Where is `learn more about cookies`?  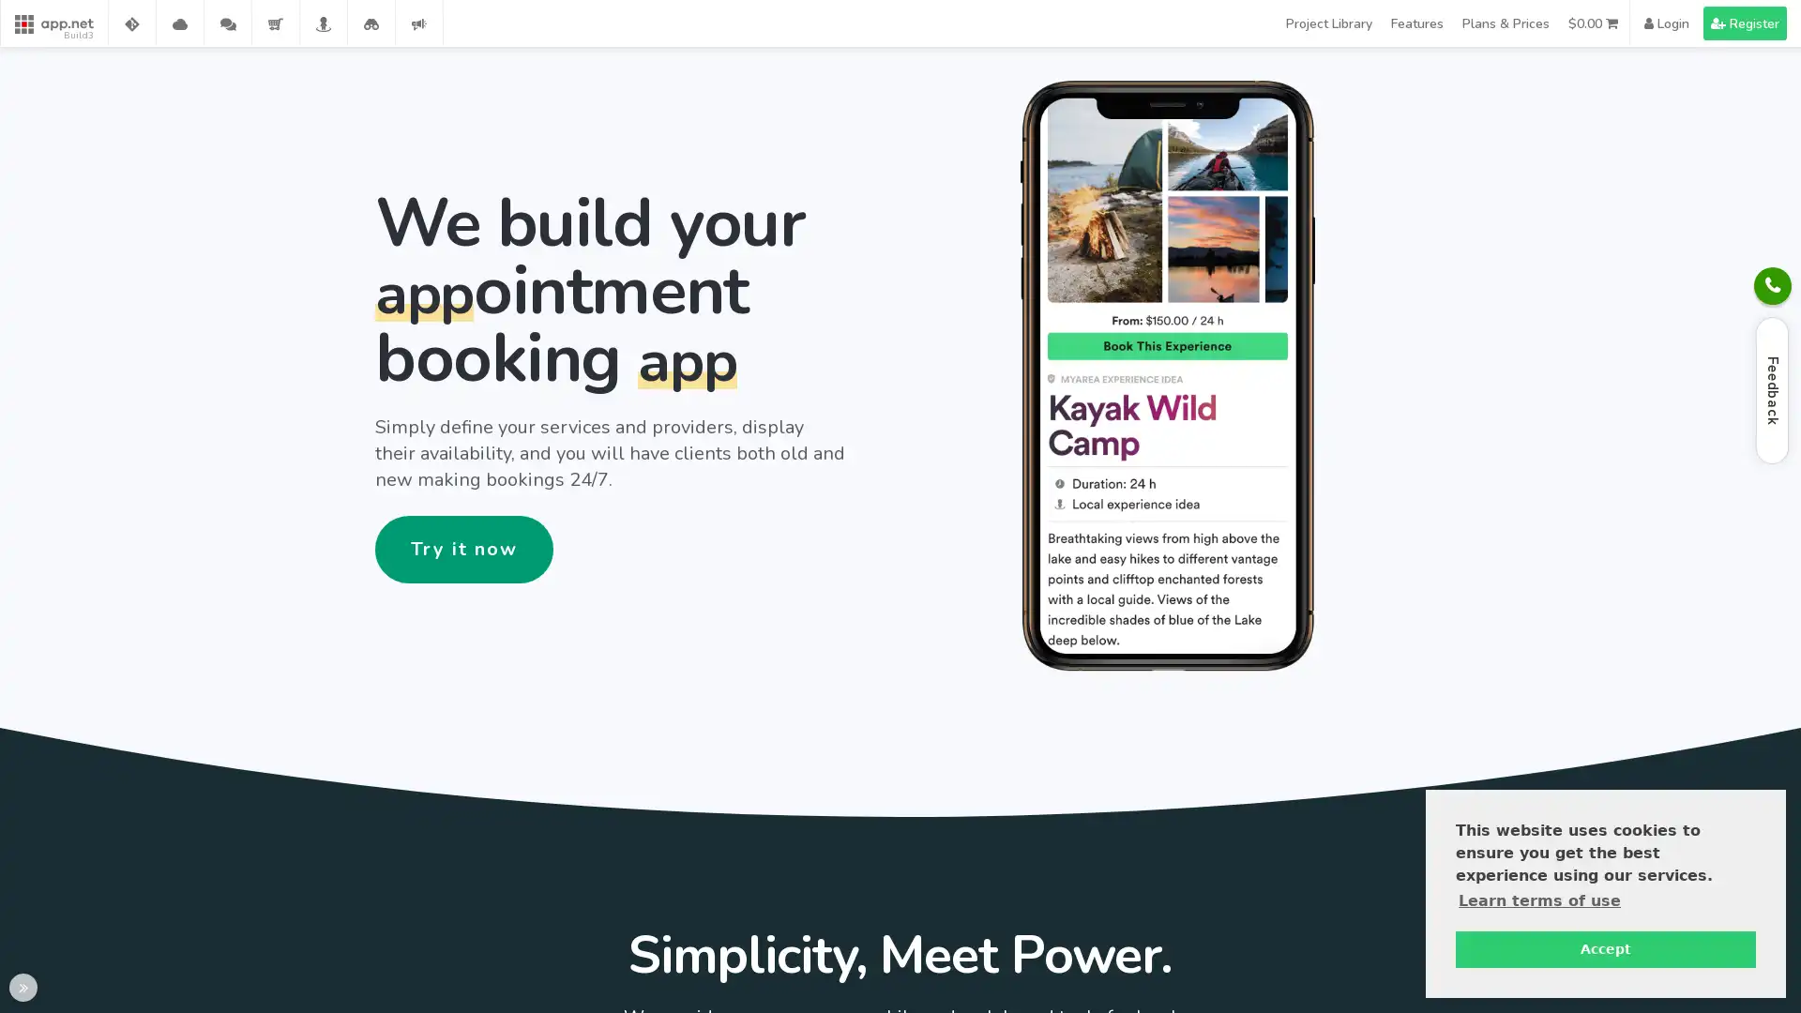
learn more about cookies is located at coordinates (1539, 900).